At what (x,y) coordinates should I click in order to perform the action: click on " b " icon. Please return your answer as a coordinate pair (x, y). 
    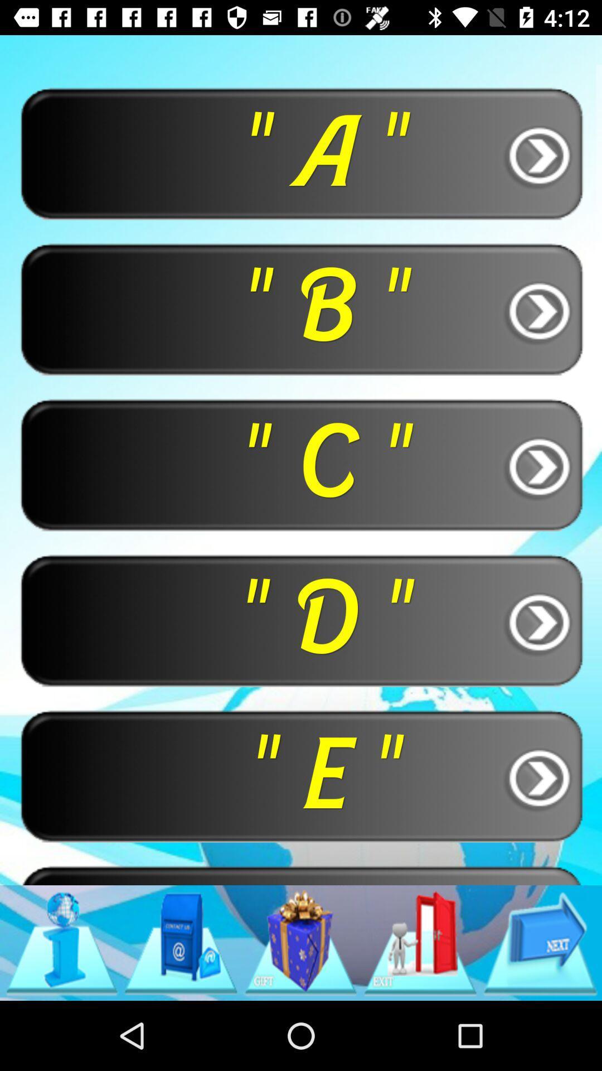
    Looking at the image, I should click on (301, 308).